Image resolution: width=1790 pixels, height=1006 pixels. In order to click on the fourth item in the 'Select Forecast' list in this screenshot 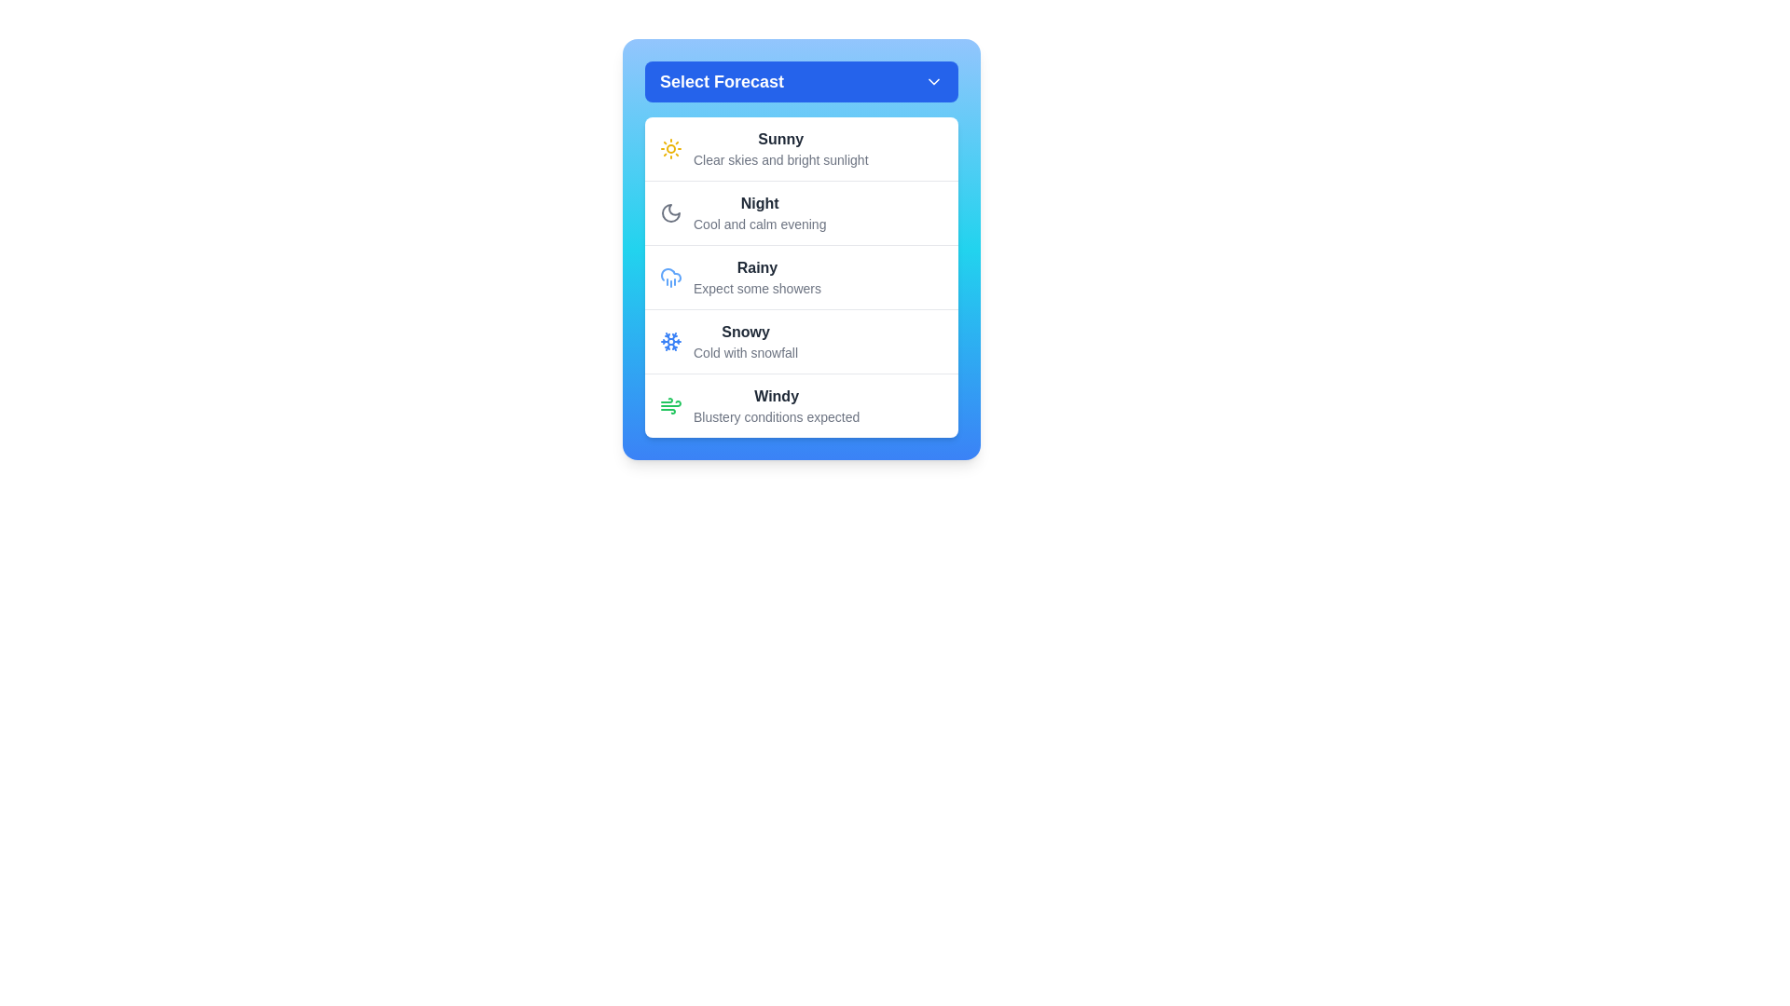, I will do `click(801, 341)`.